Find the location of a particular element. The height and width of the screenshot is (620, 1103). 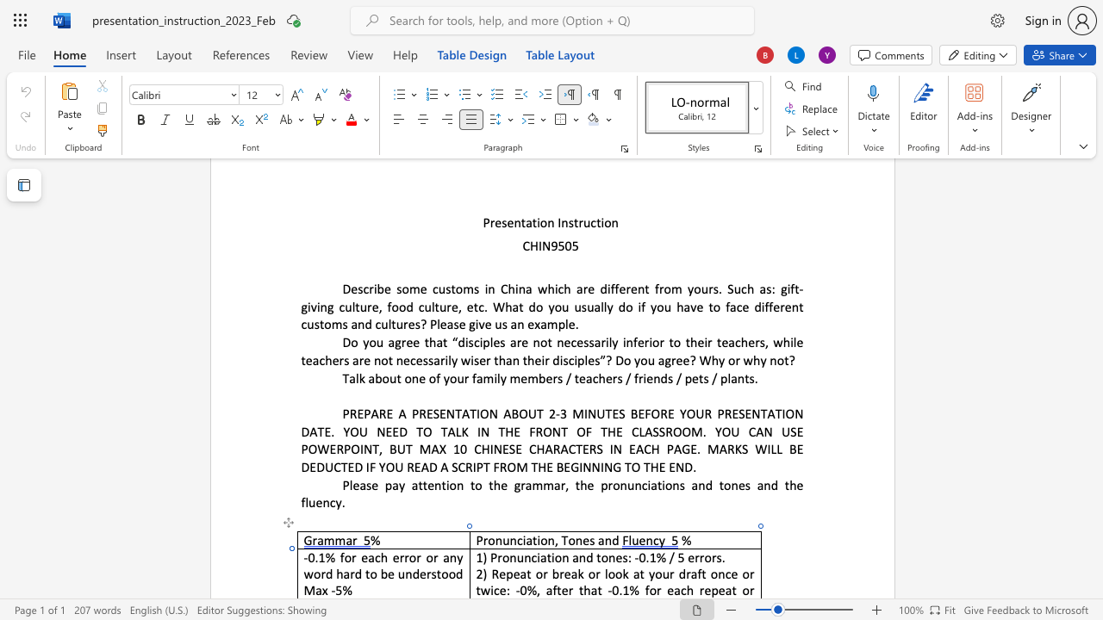

the 1th character "1" in the text is located at coordinates (321, 557).